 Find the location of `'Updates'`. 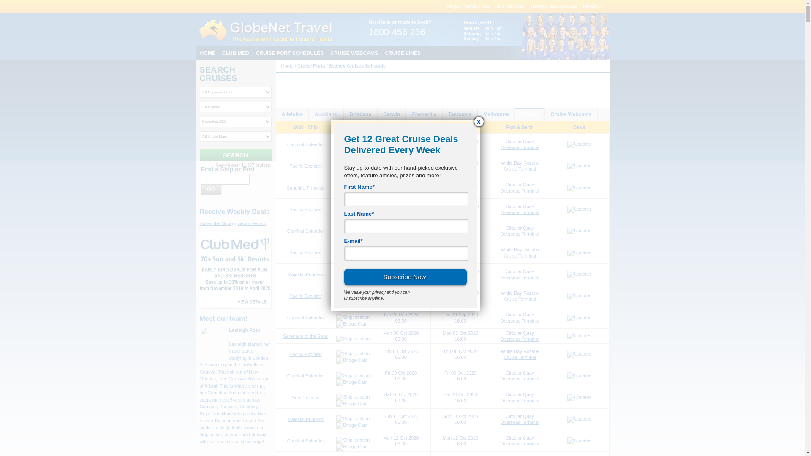

'Updates' is located at coordinates (579, 335).